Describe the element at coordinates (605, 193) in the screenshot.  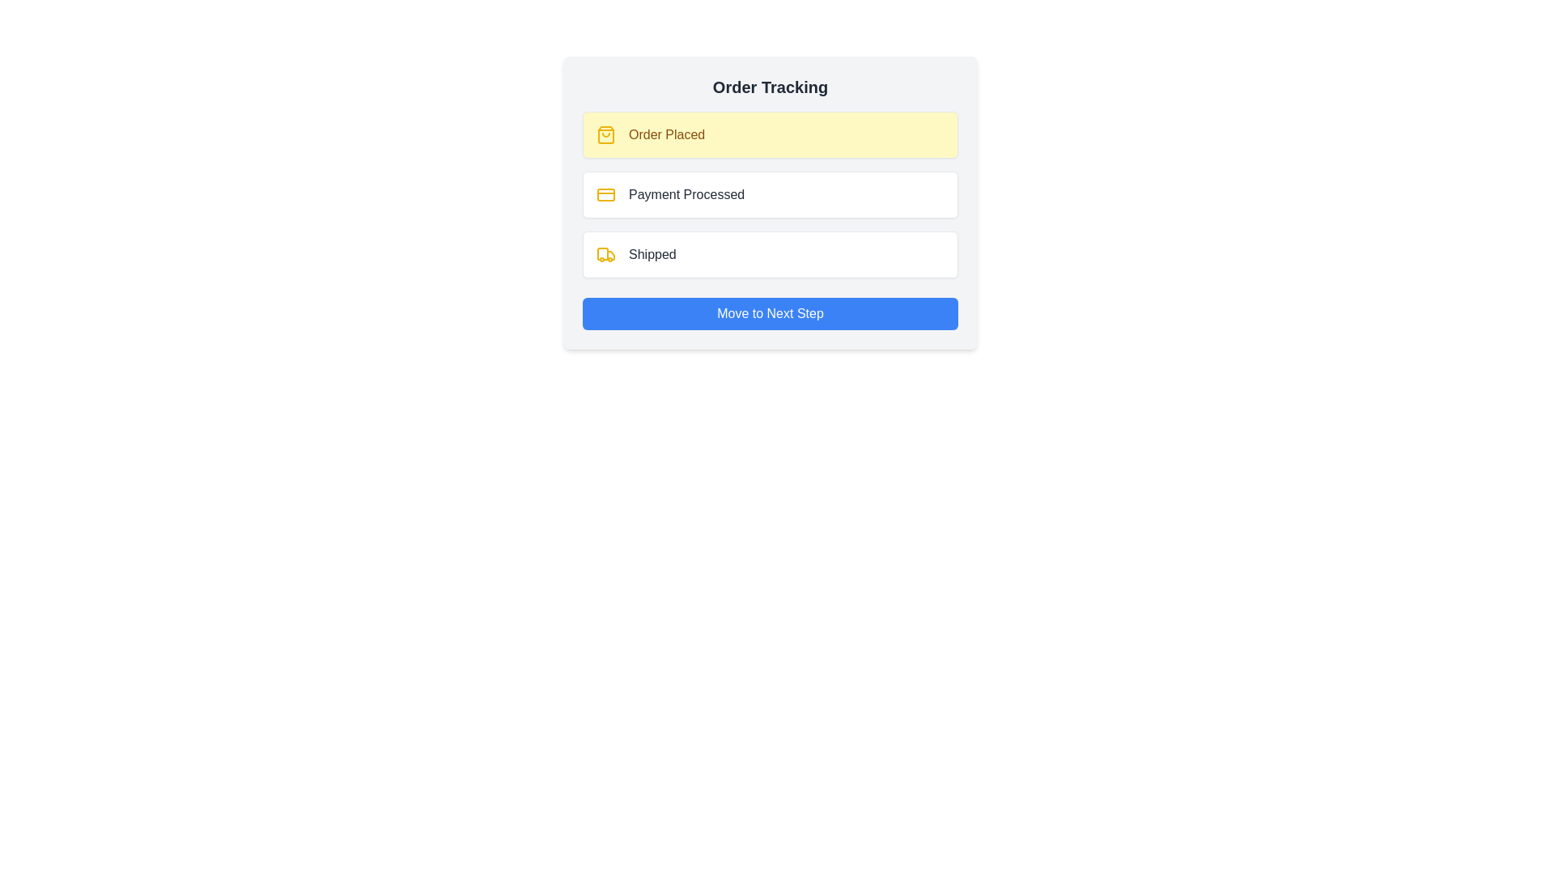
I see `the payment stage icon located on the left side of the 'Payment Processed' list item within the 'Order Tracking' section` at that location.